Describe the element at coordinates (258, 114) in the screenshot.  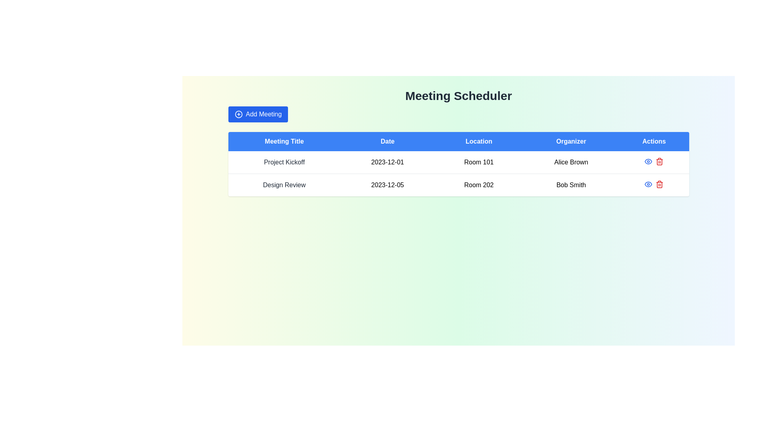
I see `the blue 'Add Meeting' button with the text in white and a '+' icon, located below 'Meeting Scheduler'` at that location.